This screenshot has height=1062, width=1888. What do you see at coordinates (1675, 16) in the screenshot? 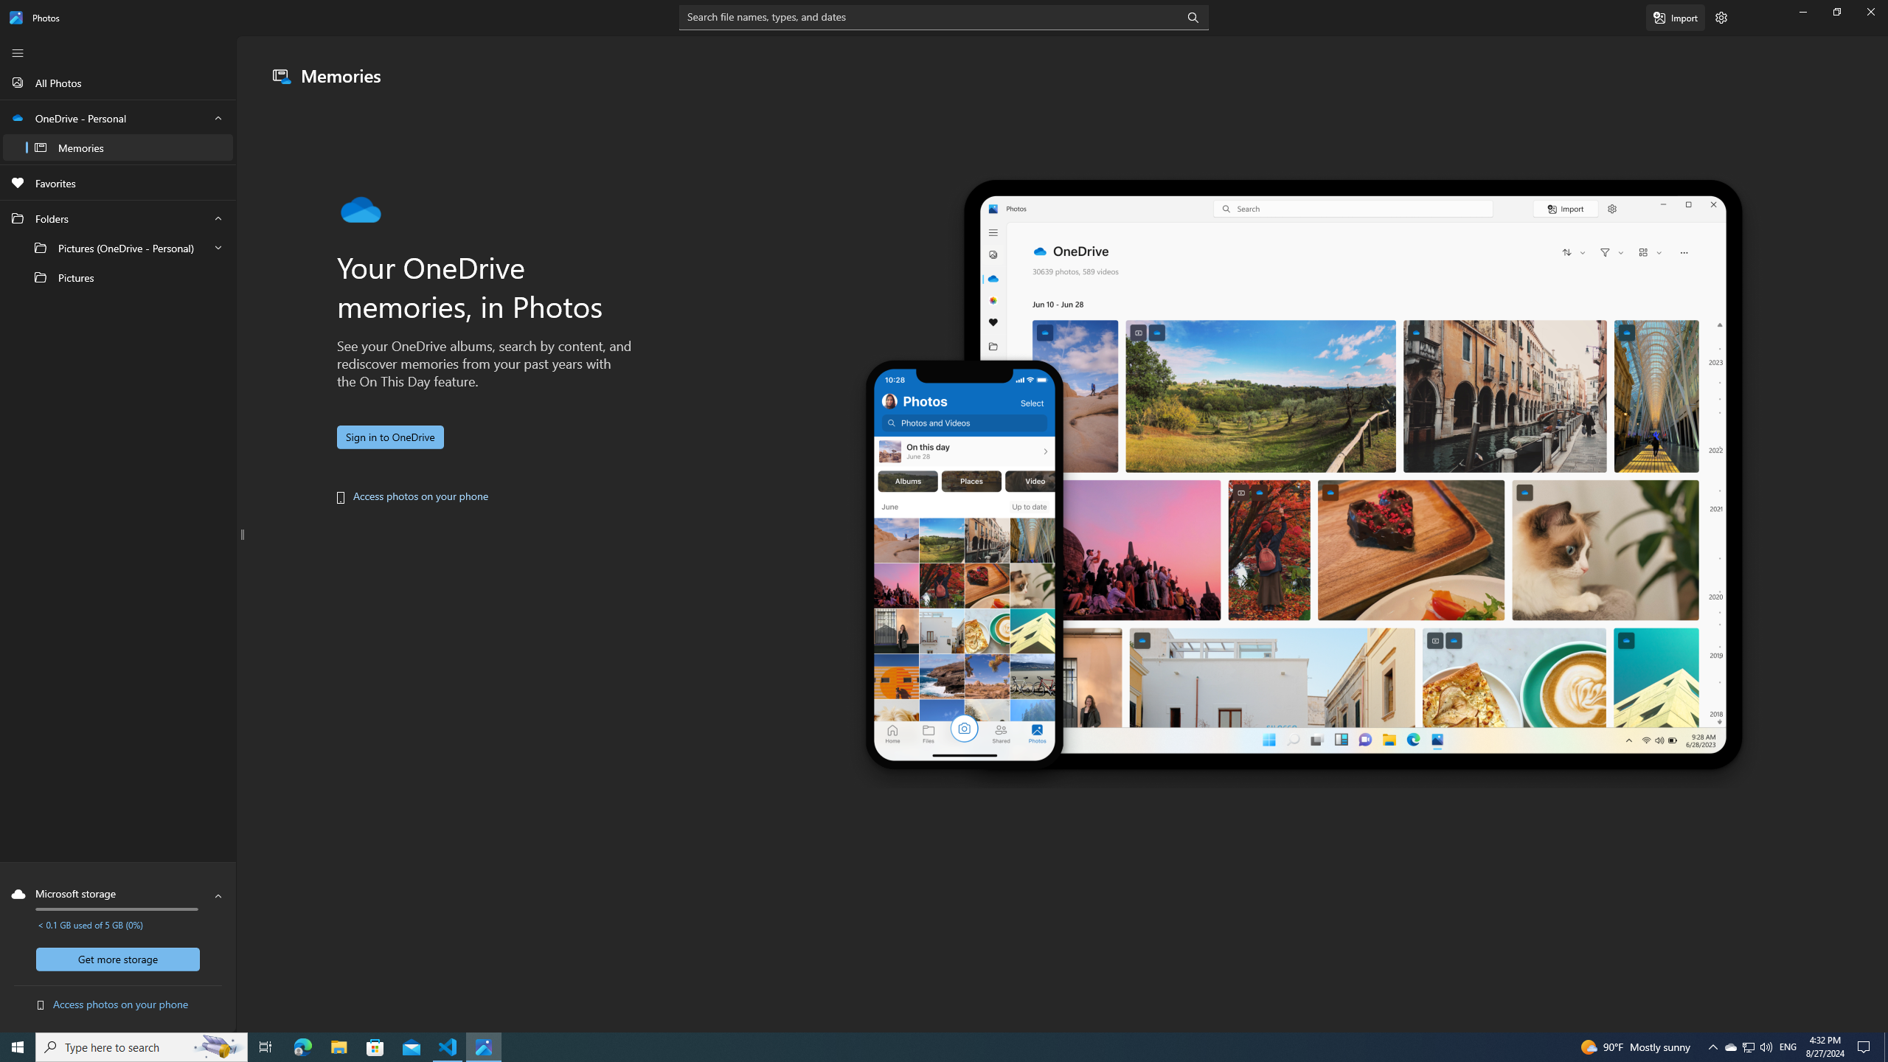
I see `'Import photos'` at bounding box center [1675, 16].